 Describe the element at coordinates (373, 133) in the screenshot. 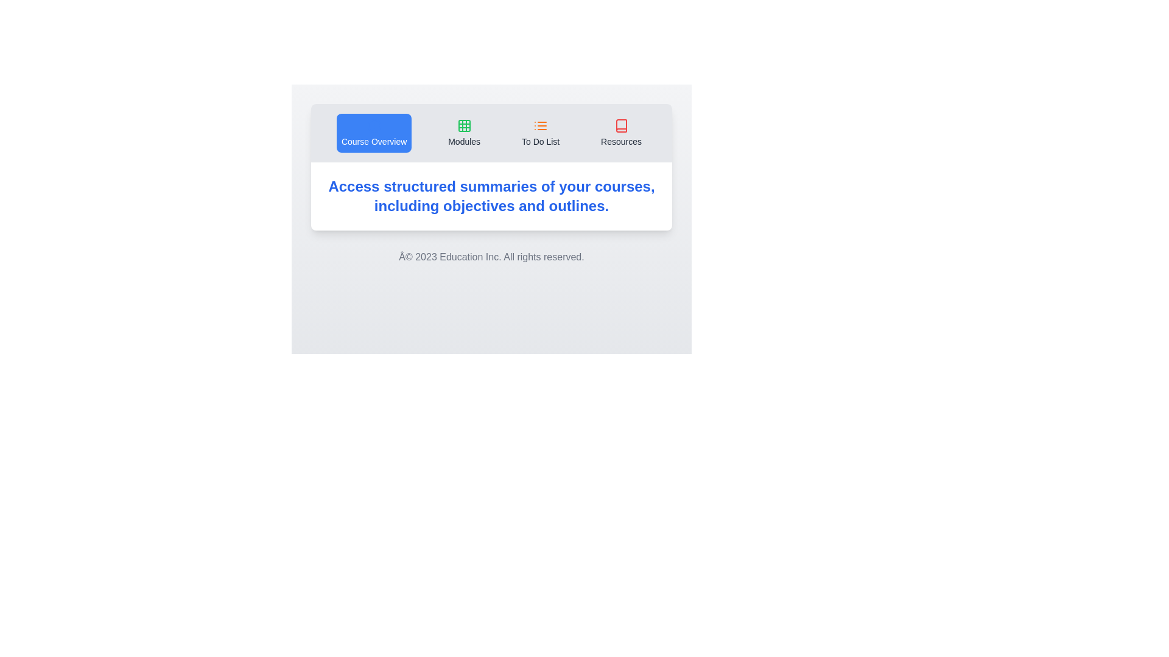

I see `the tab button labeled Course Overview to preview its hover effect` at that location.